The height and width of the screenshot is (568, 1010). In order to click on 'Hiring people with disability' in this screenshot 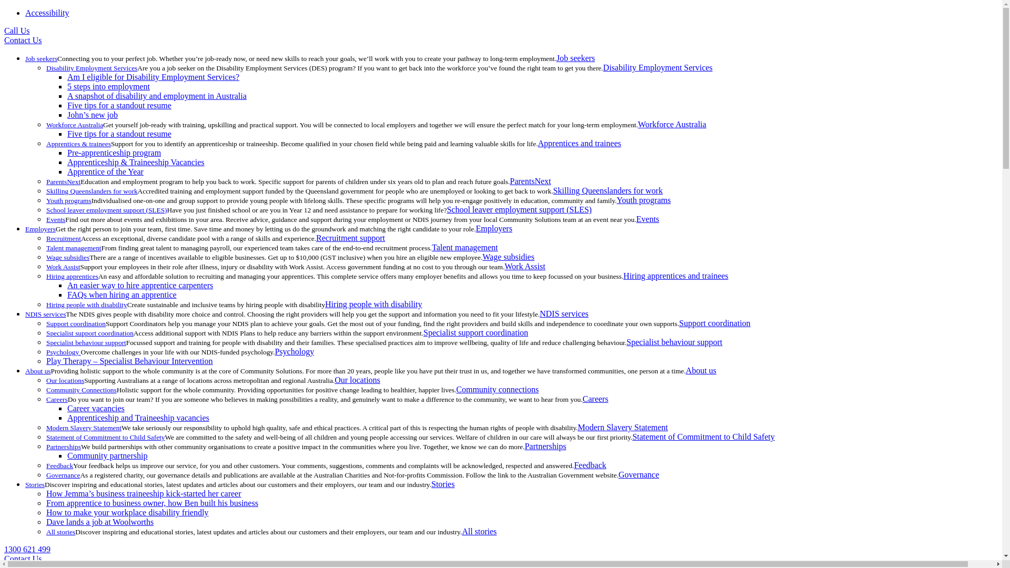, I will do `click(373, 304)`.